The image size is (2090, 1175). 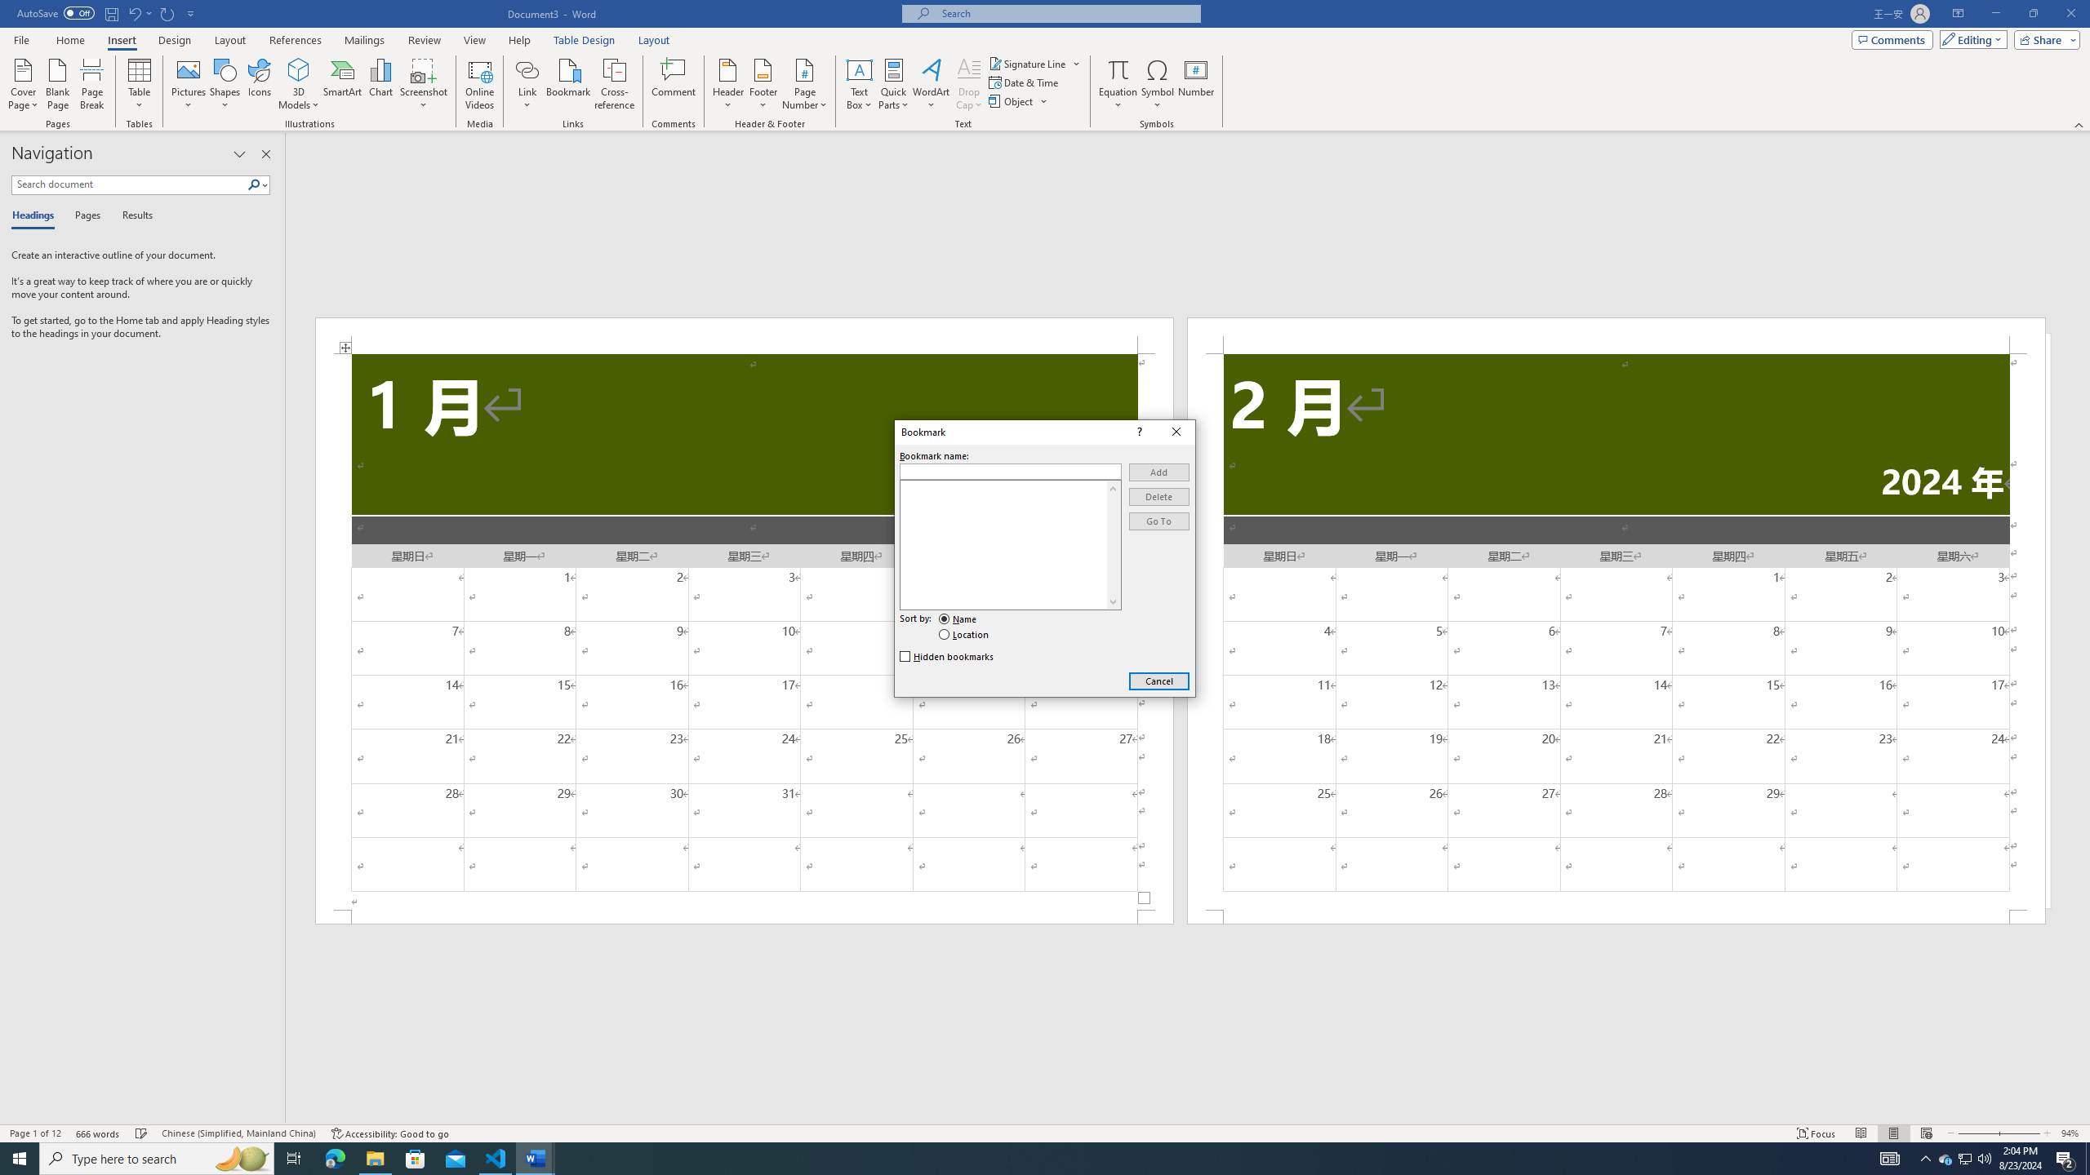 What do you see at coordinates (1158, 496) in the screenshot?
I see `'Delete'` at bounding box center [1158, 496].